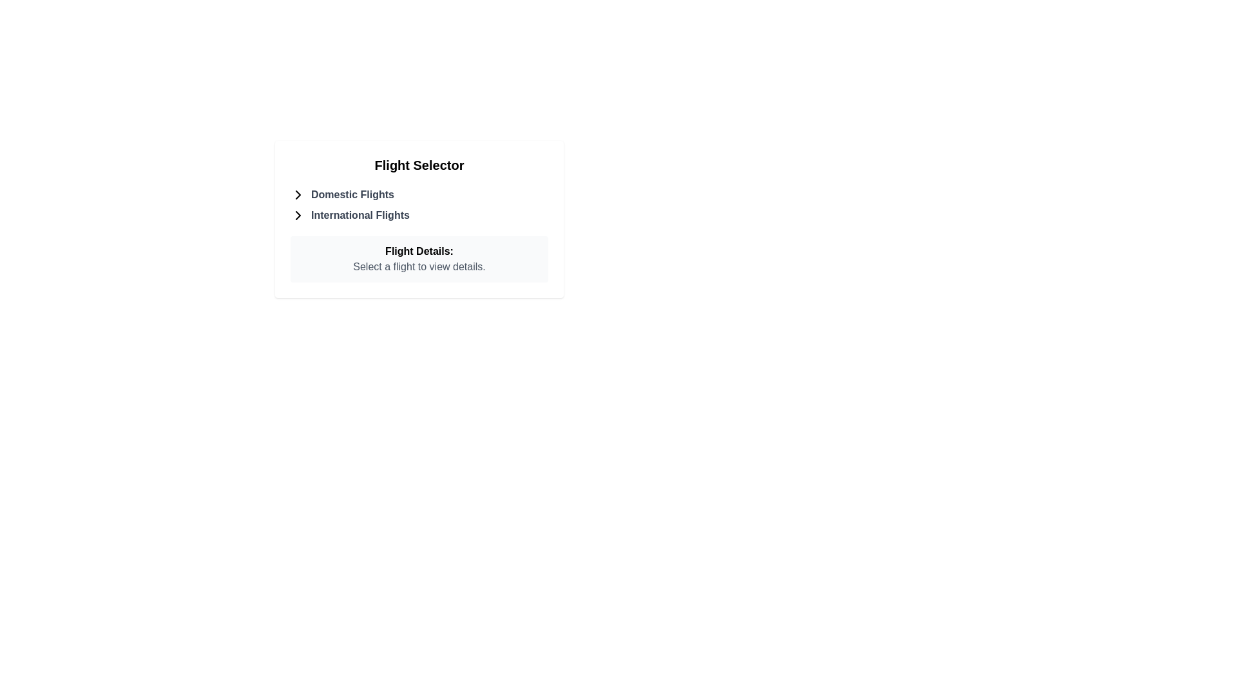 The height and width of the screenshot is (695, 1237). What do you see at coordinates (297, 215) in the screenshot?
I see `the right-pointing arrow icon with a black stroke located next to the text 'International Flights' to indicate selection` at bounding box center [297, 215].